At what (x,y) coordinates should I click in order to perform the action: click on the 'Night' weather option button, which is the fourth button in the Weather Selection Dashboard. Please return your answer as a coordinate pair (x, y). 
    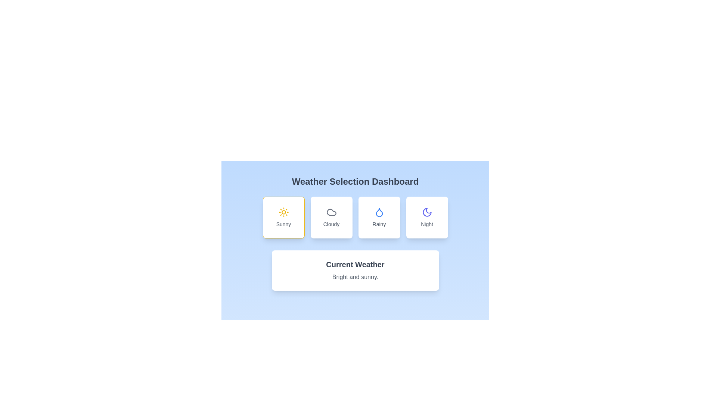
    Looking at the image, I should click on (427, 217).